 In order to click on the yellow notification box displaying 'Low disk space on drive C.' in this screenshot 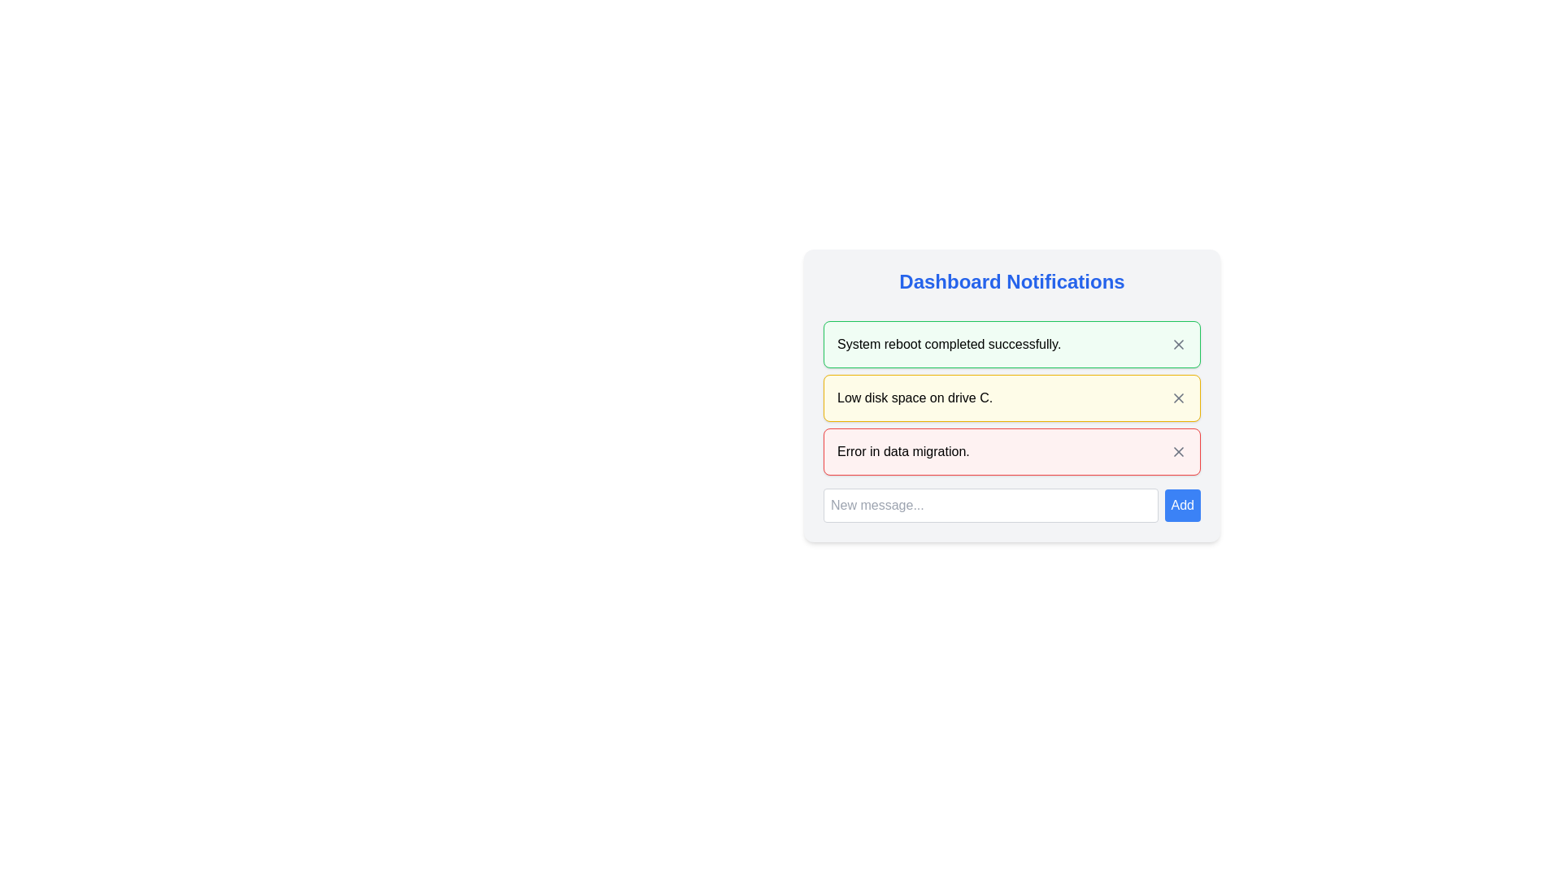, I will do `click(1011, 395)`.